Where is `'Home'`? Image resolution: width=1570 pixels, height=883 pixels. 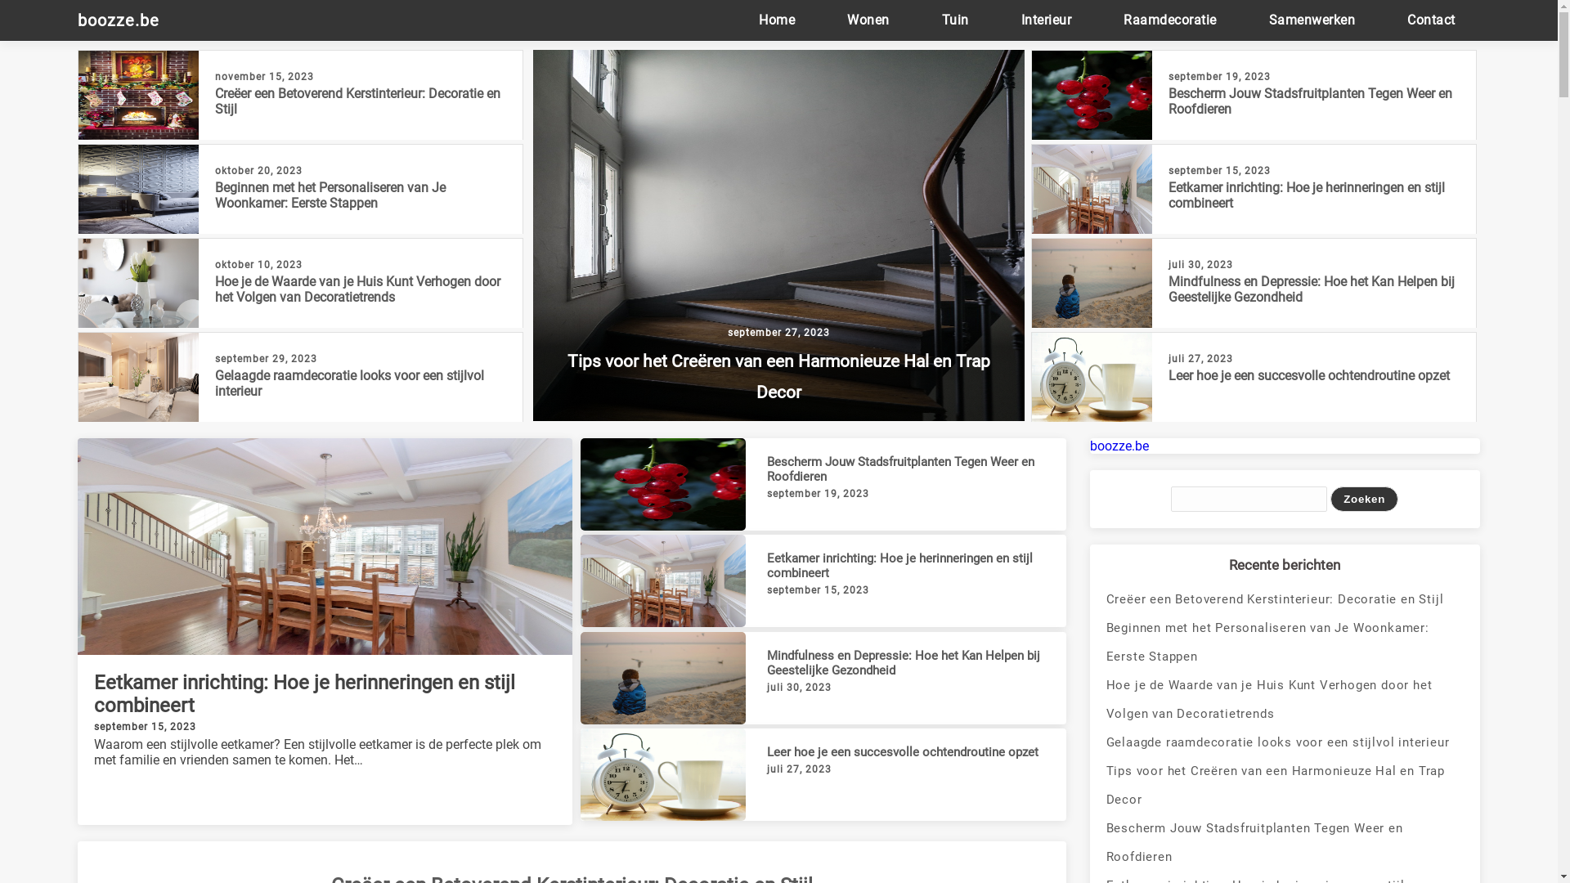 'Home' is located at coordinates (776, 20).